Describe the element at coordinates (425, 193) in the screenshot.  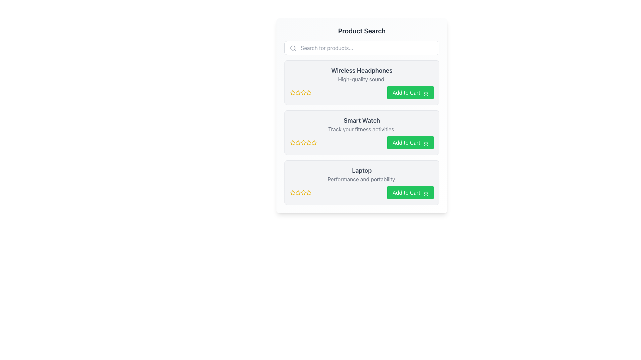
I see `the SVG icon within the 'Add to Cart' button, which is the last button in a vertical column of product entries` at that location.